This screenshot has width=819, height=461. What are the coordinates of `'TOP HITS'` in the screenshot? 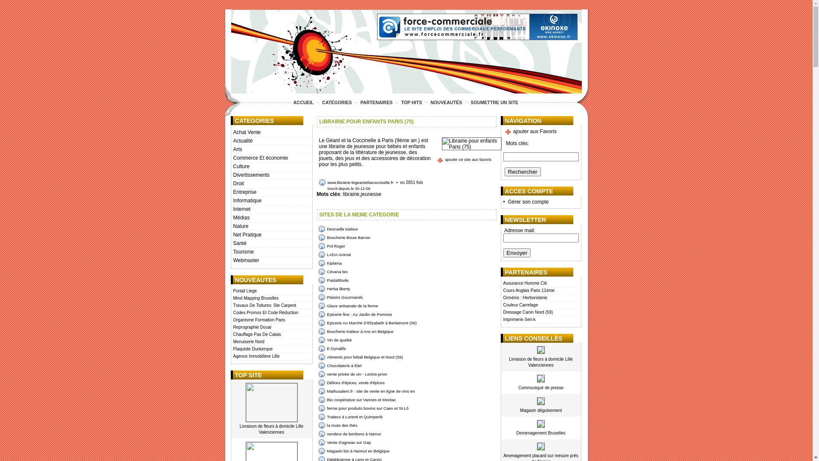 It's located at (398, 102).